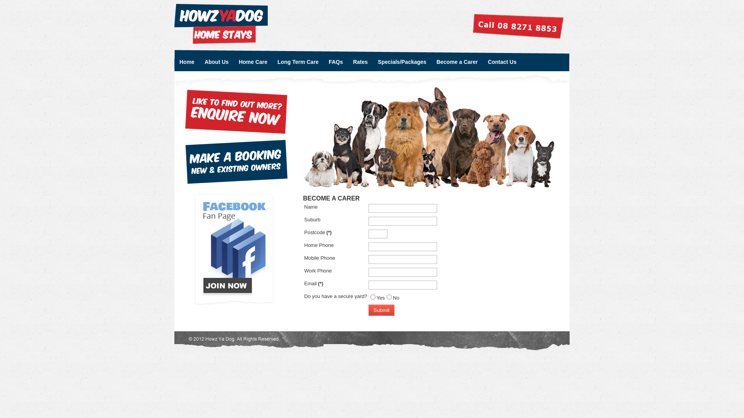 The image size is (744, 418). Describe the element at coordinates (324, 60) in the screenshot. I see `'FAQs'` at that location.